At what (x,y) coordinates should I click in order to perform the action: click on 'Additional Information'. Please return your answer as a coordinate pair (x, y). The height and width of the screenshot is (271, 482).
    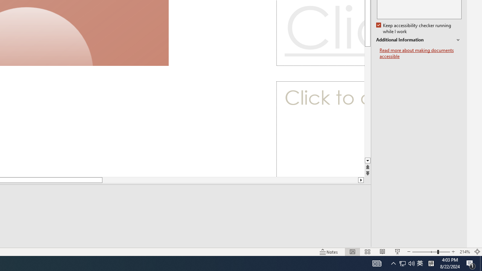
    Looking at the image, I should click on (418, 40).